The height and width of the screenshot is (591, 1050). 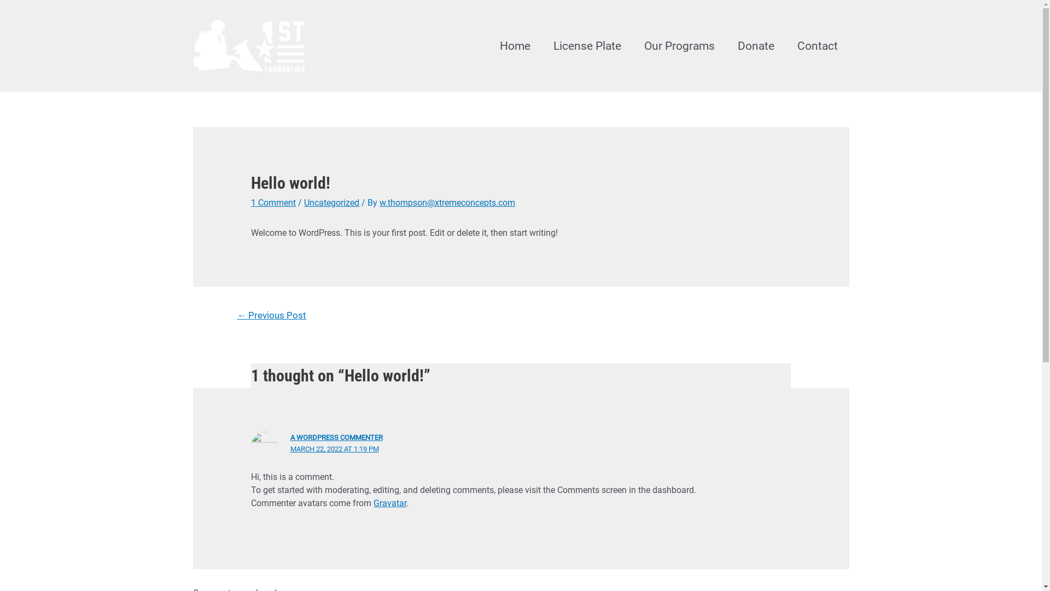 I want to click on 'Uncategorized', so click(x=331, y=202).